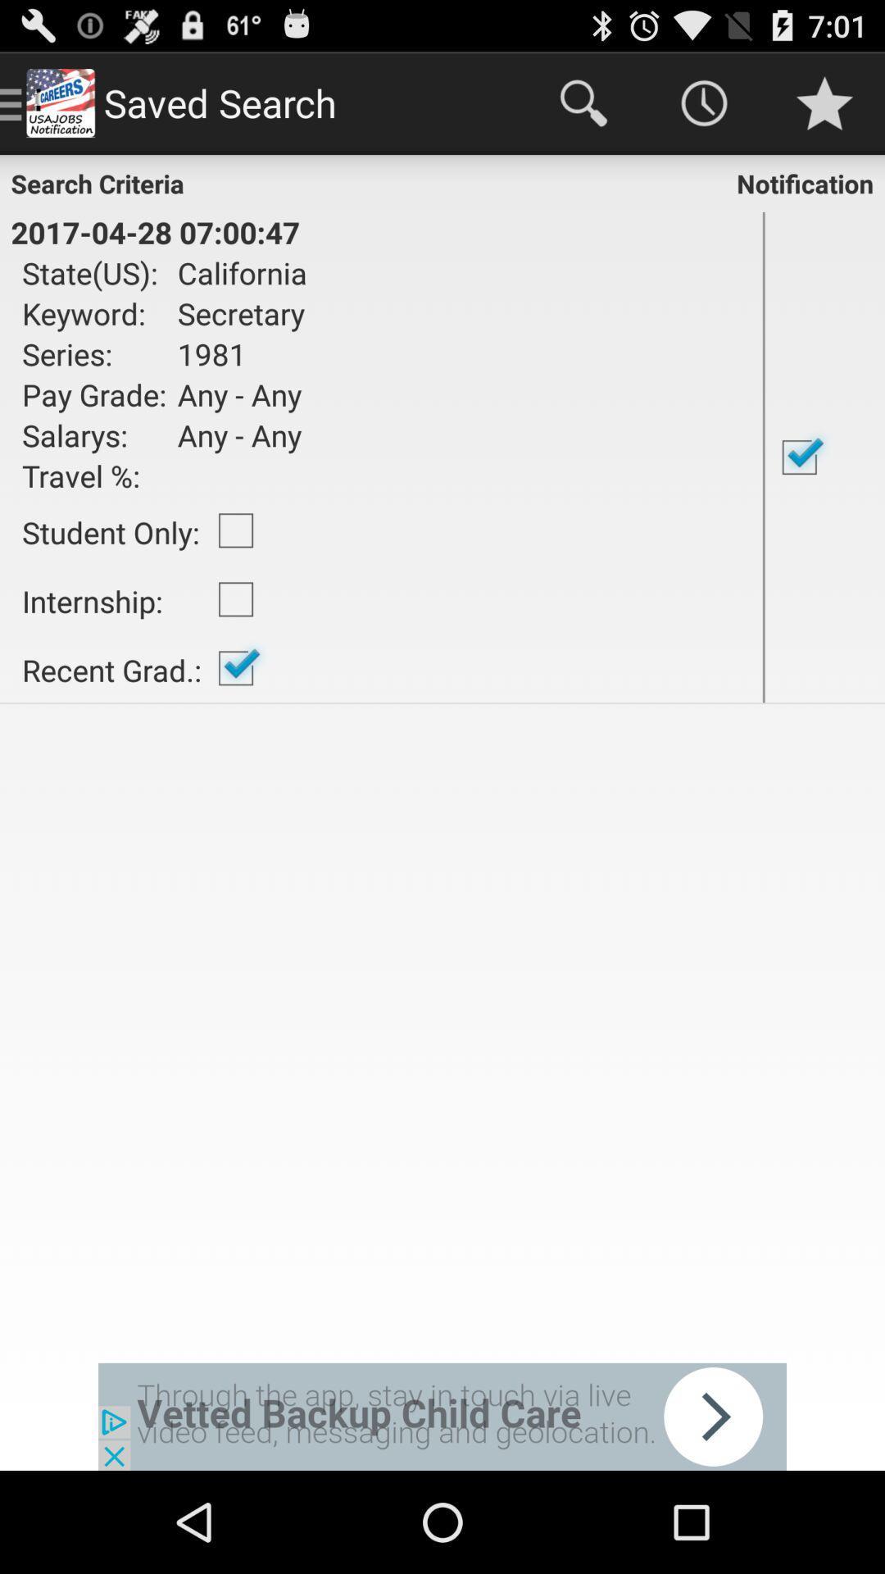 This screenshot has width=885, height=1574. What do you see at coordinates (94, 394) in the screenshot?
I see `the item next to the 1981 icon` at bounding box center [94, 394].